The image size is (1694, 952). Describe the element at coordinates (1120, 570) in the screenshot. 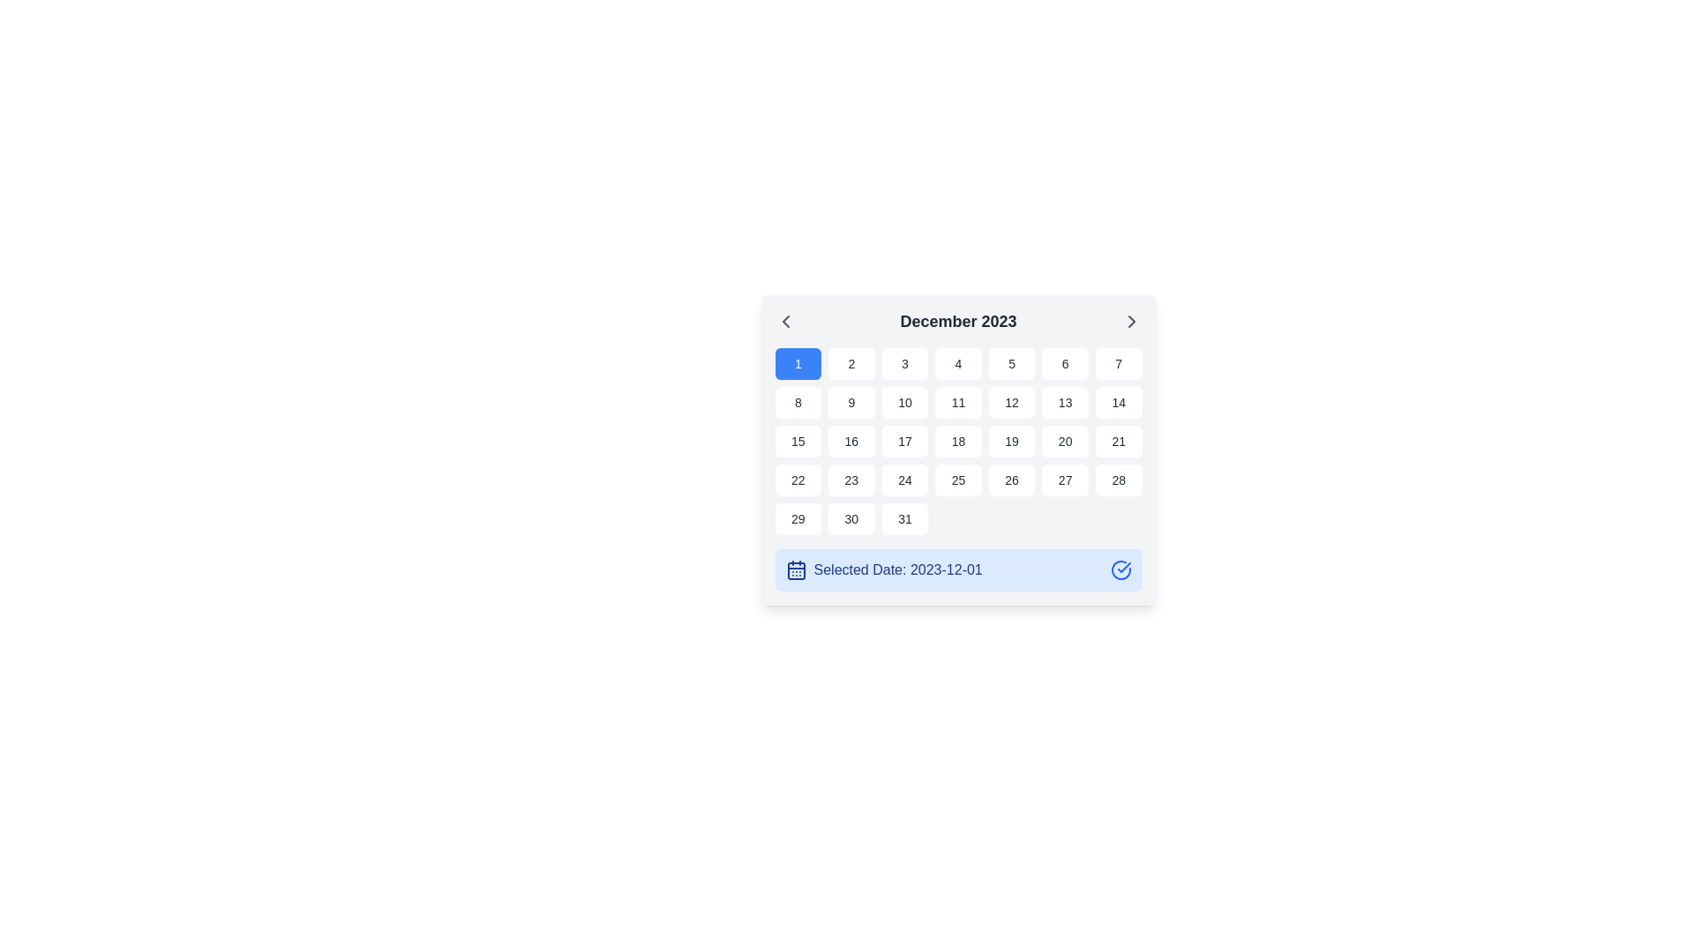

I see `the blue circular icon with a checkmark located at the bottom-right of the date display labeled 'Selected Date: 2023-12-01'` at that location.